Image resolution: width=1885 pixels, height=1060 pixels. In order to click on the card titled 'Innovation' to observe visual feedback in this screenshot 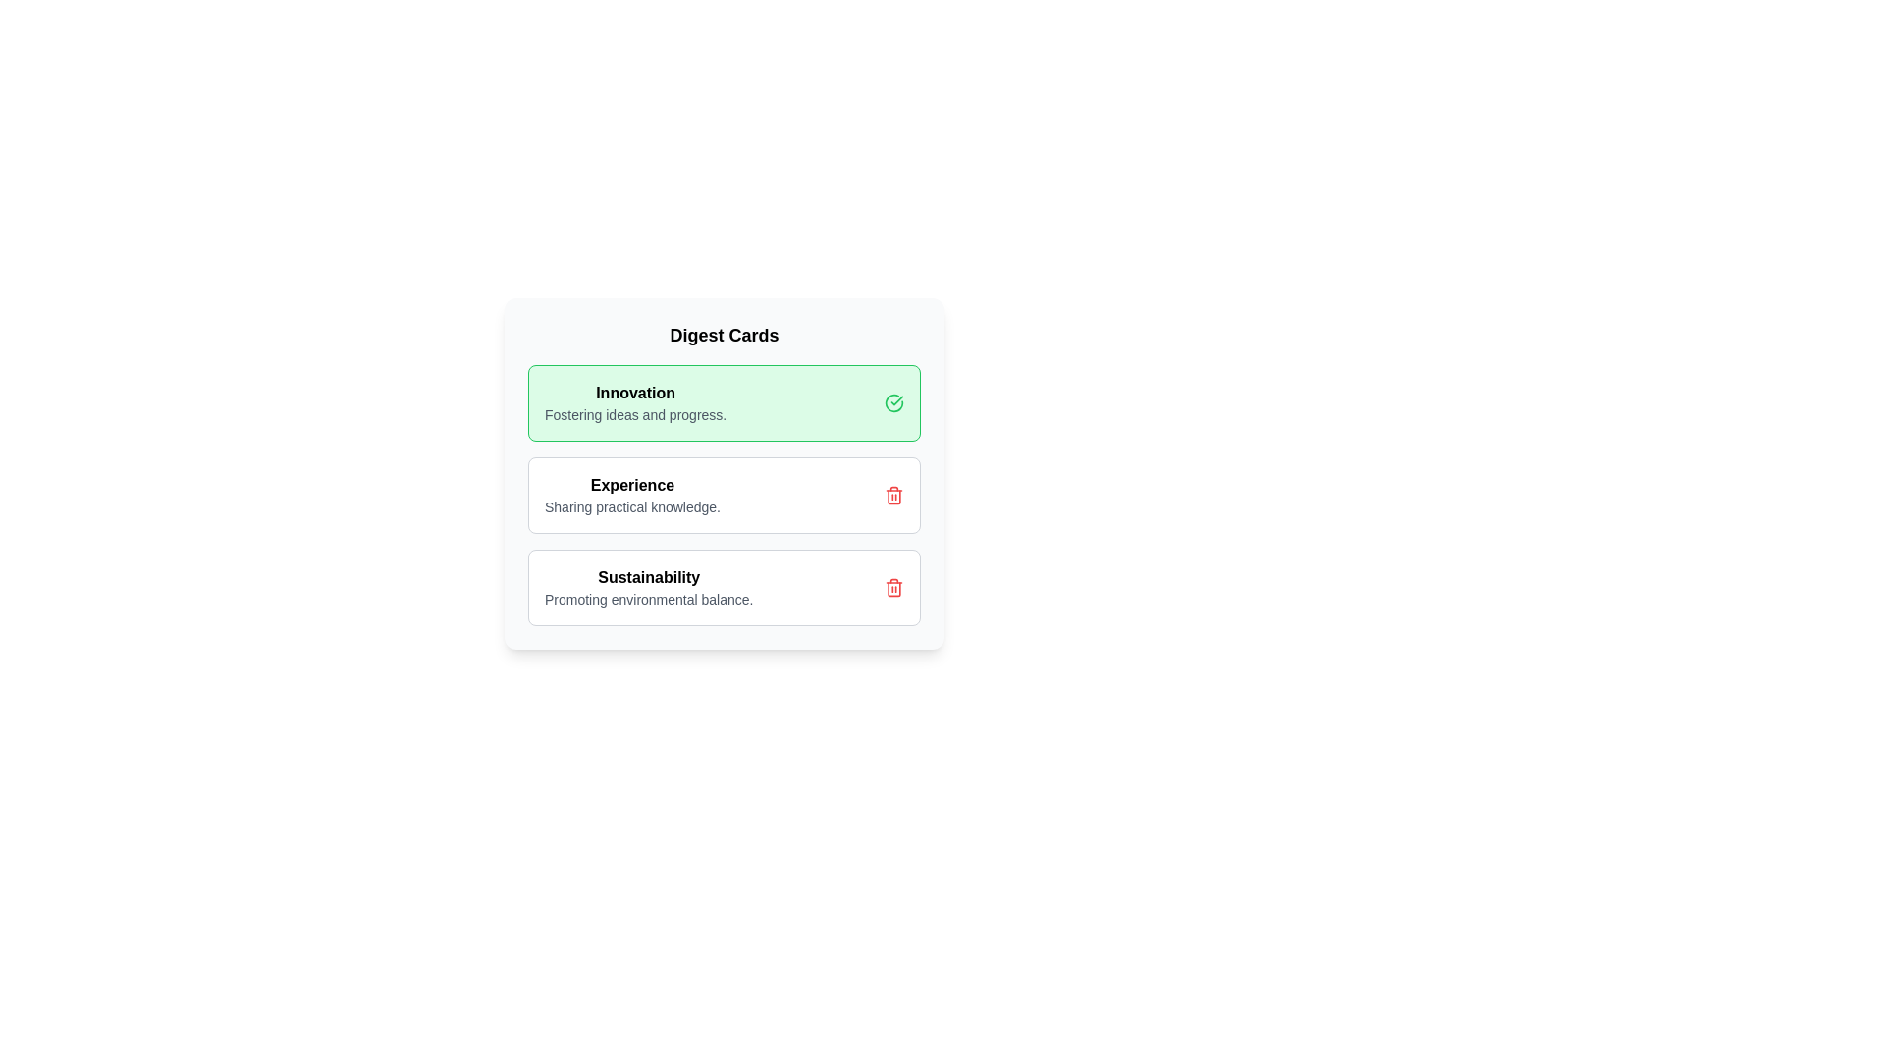, I will do `click(724, 402)`.